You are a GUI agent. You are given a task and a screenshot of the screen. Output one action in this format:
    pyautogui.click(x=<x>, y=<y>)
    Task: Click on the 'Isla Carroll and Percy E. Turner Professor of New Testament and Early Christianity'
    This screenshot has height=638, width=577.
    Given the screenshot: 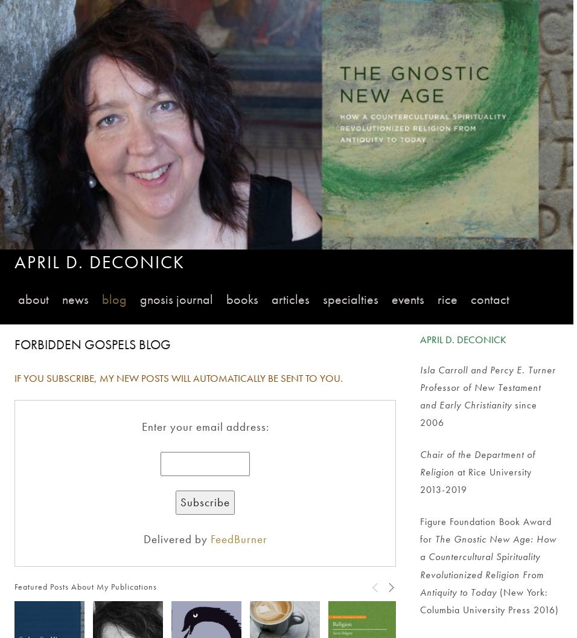 What is the action you would take?
    pyautogui.click(x=488, y=386)
    